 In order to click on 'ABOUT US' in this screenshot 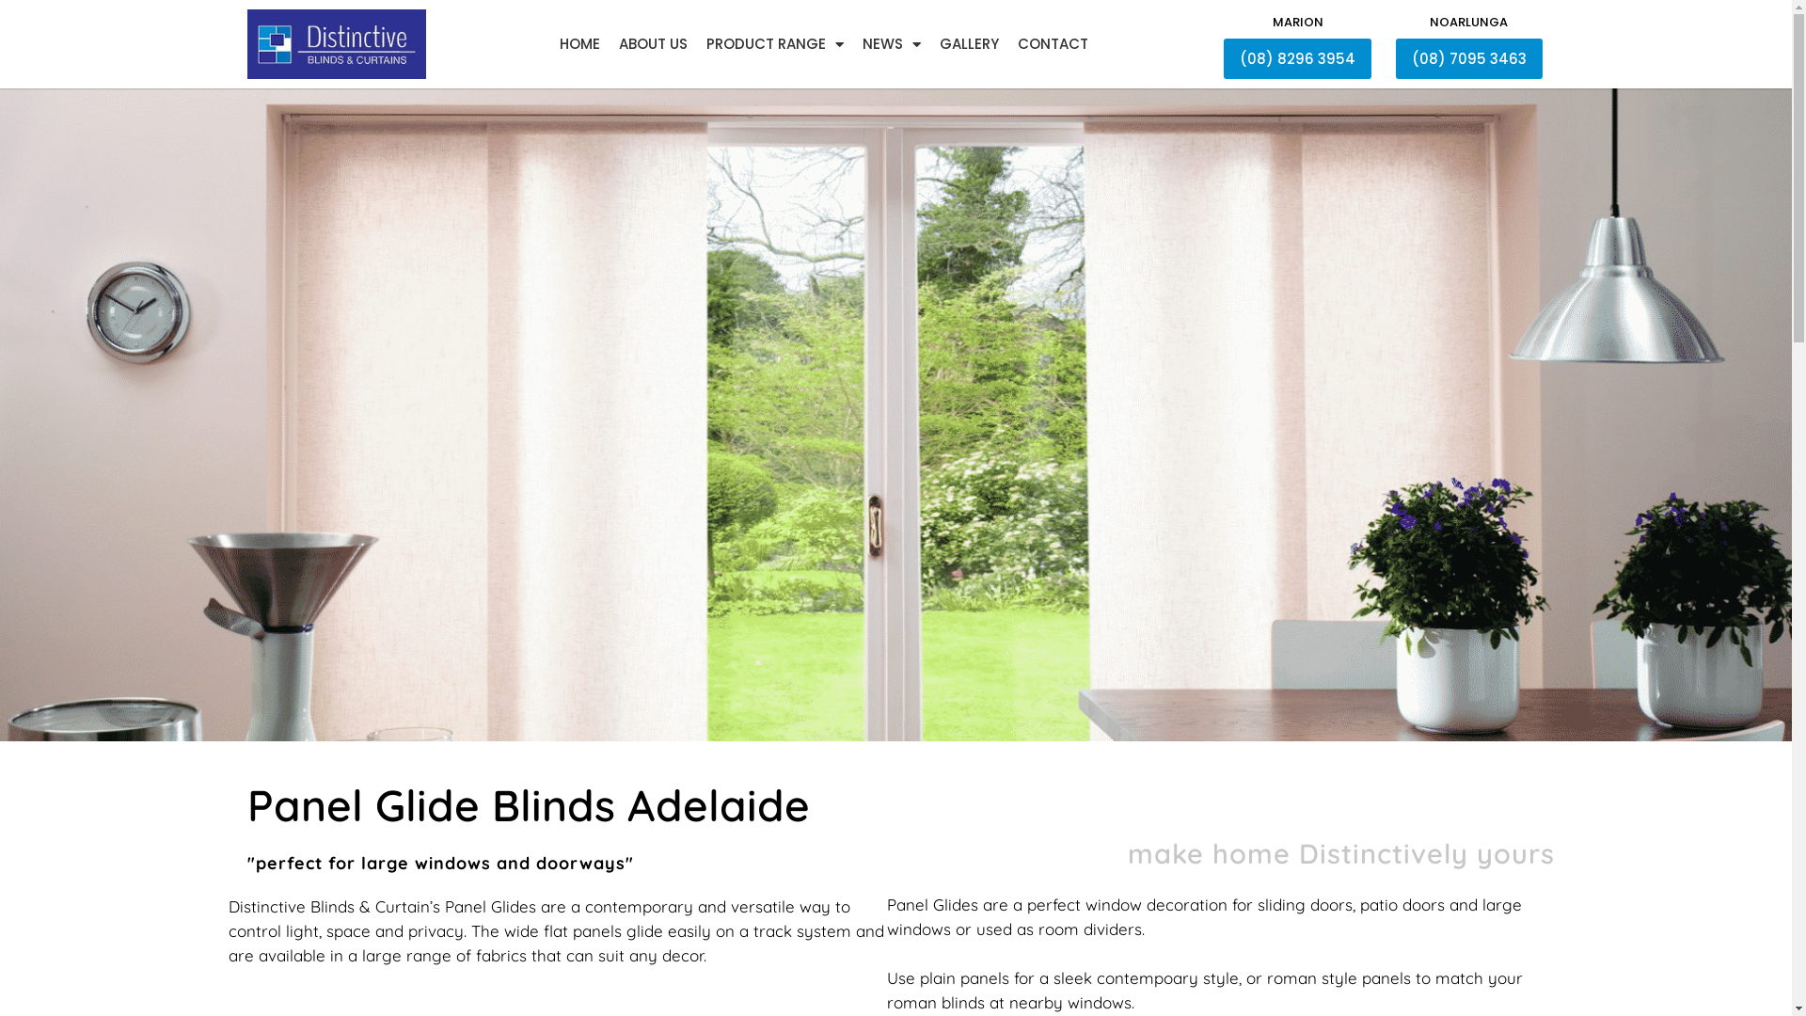, I will do `click(653, 42)`.